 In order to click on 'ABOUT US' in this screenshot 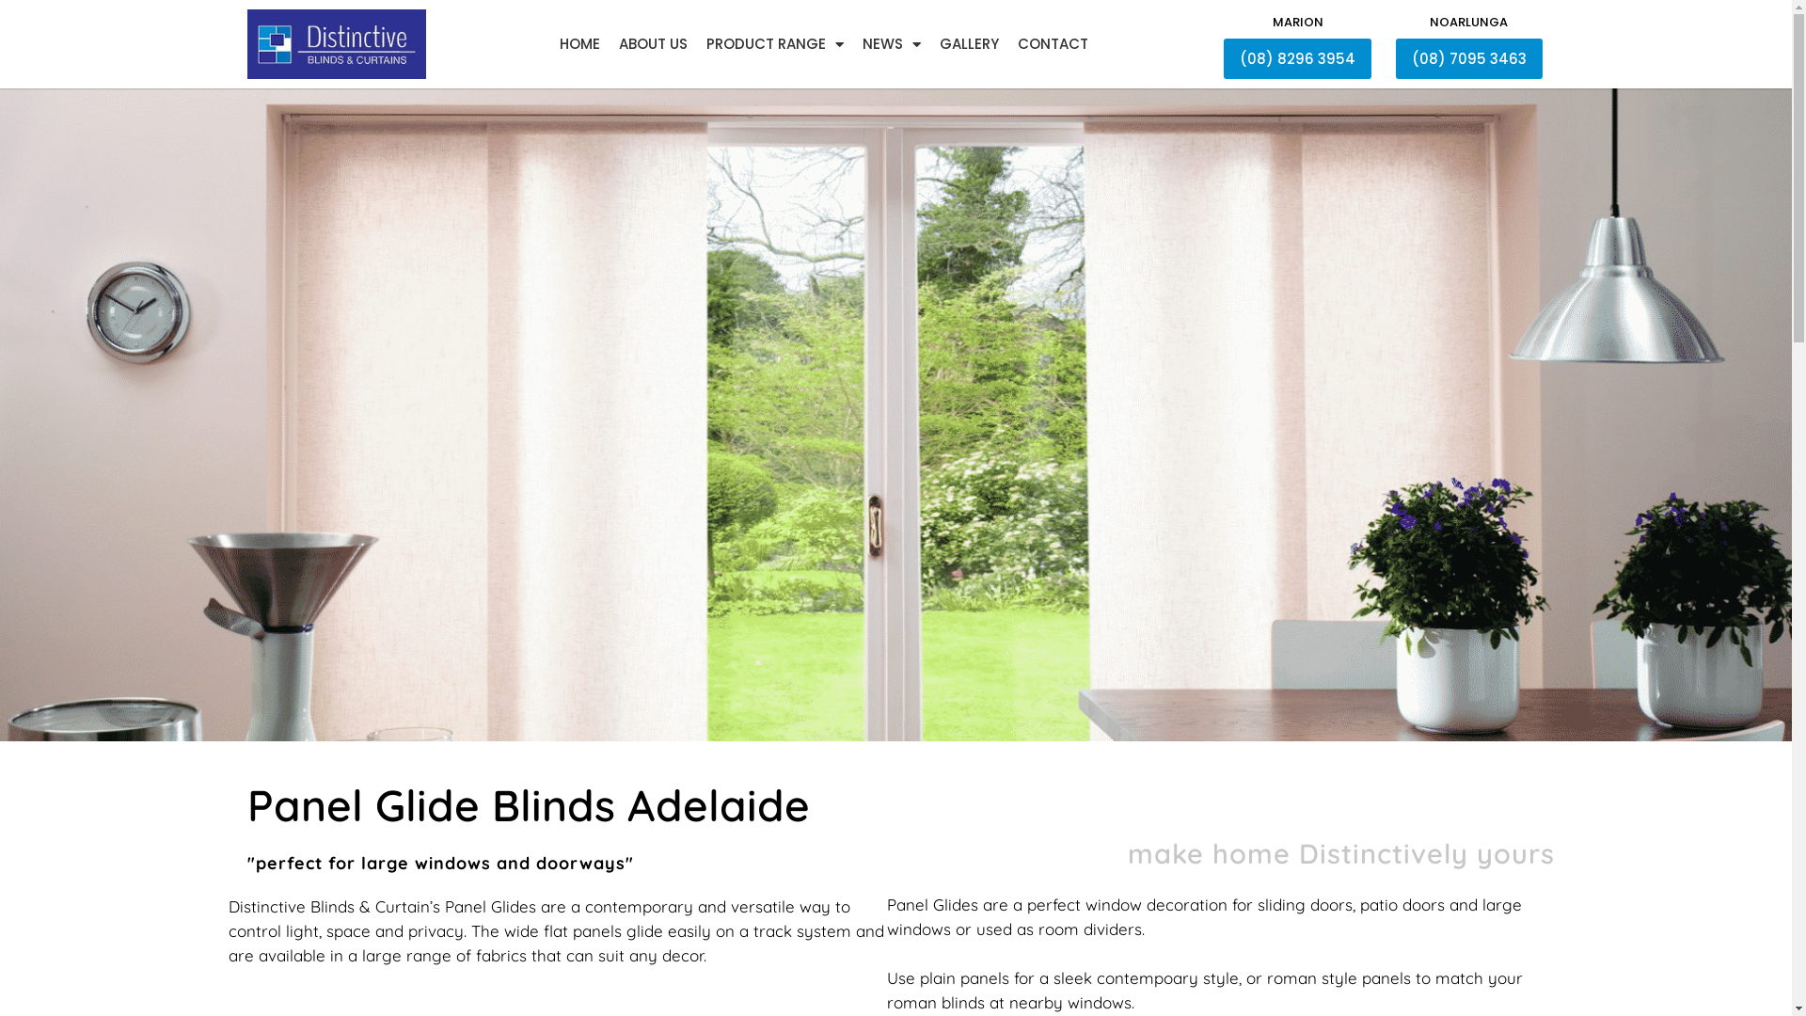, I will do `click(653, 42)`.